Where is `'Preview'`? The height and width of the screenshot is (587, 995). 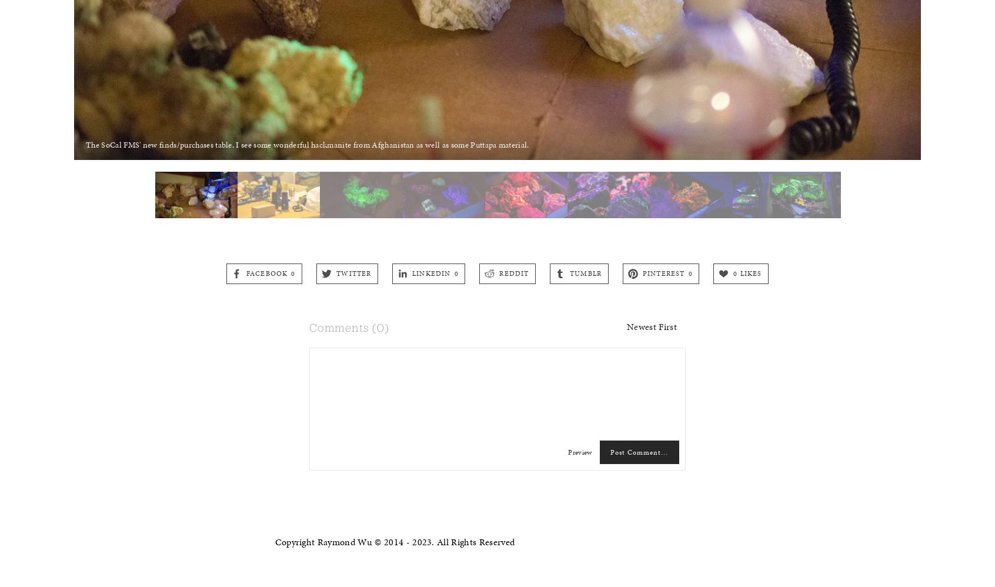
'Preview' is located at coordinates (579, 451).